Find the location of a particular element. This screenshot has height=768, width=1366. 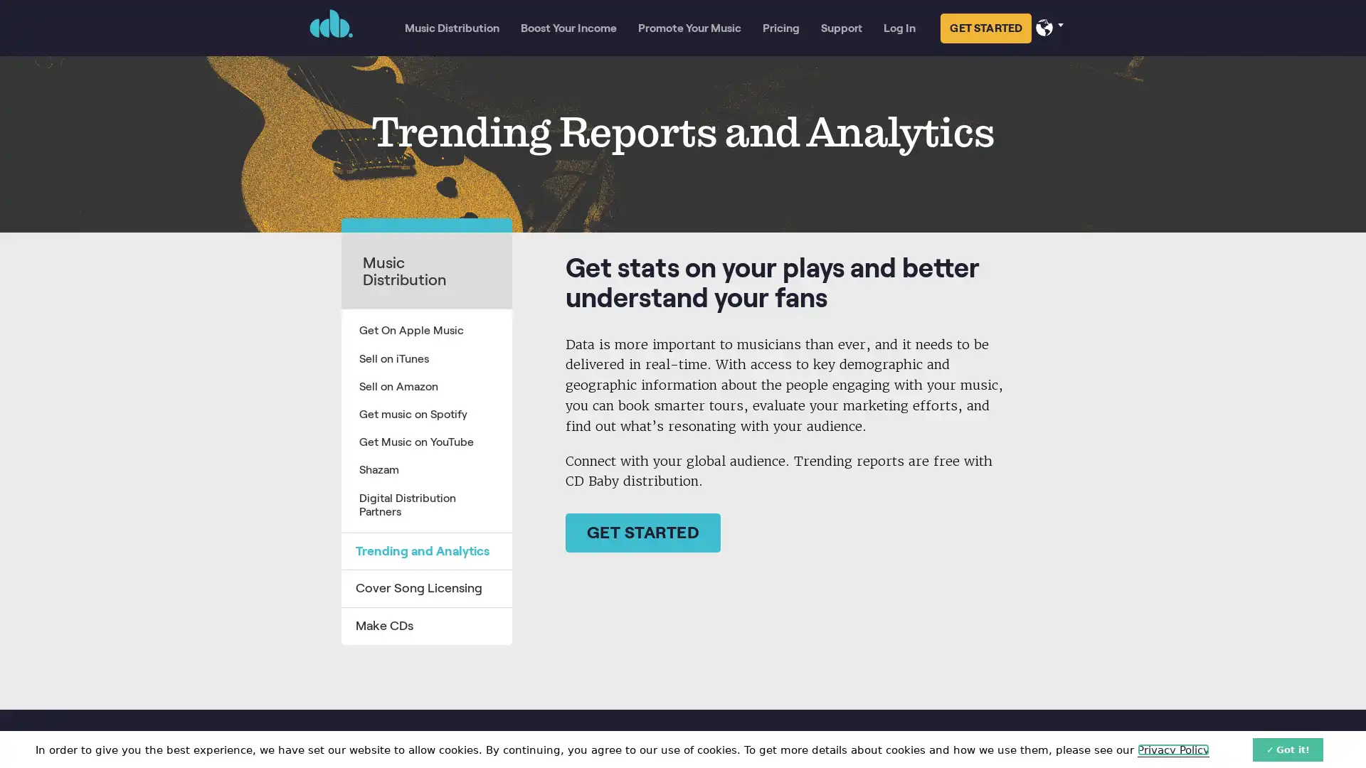

Got it! is located at coordinates (1288, 748).